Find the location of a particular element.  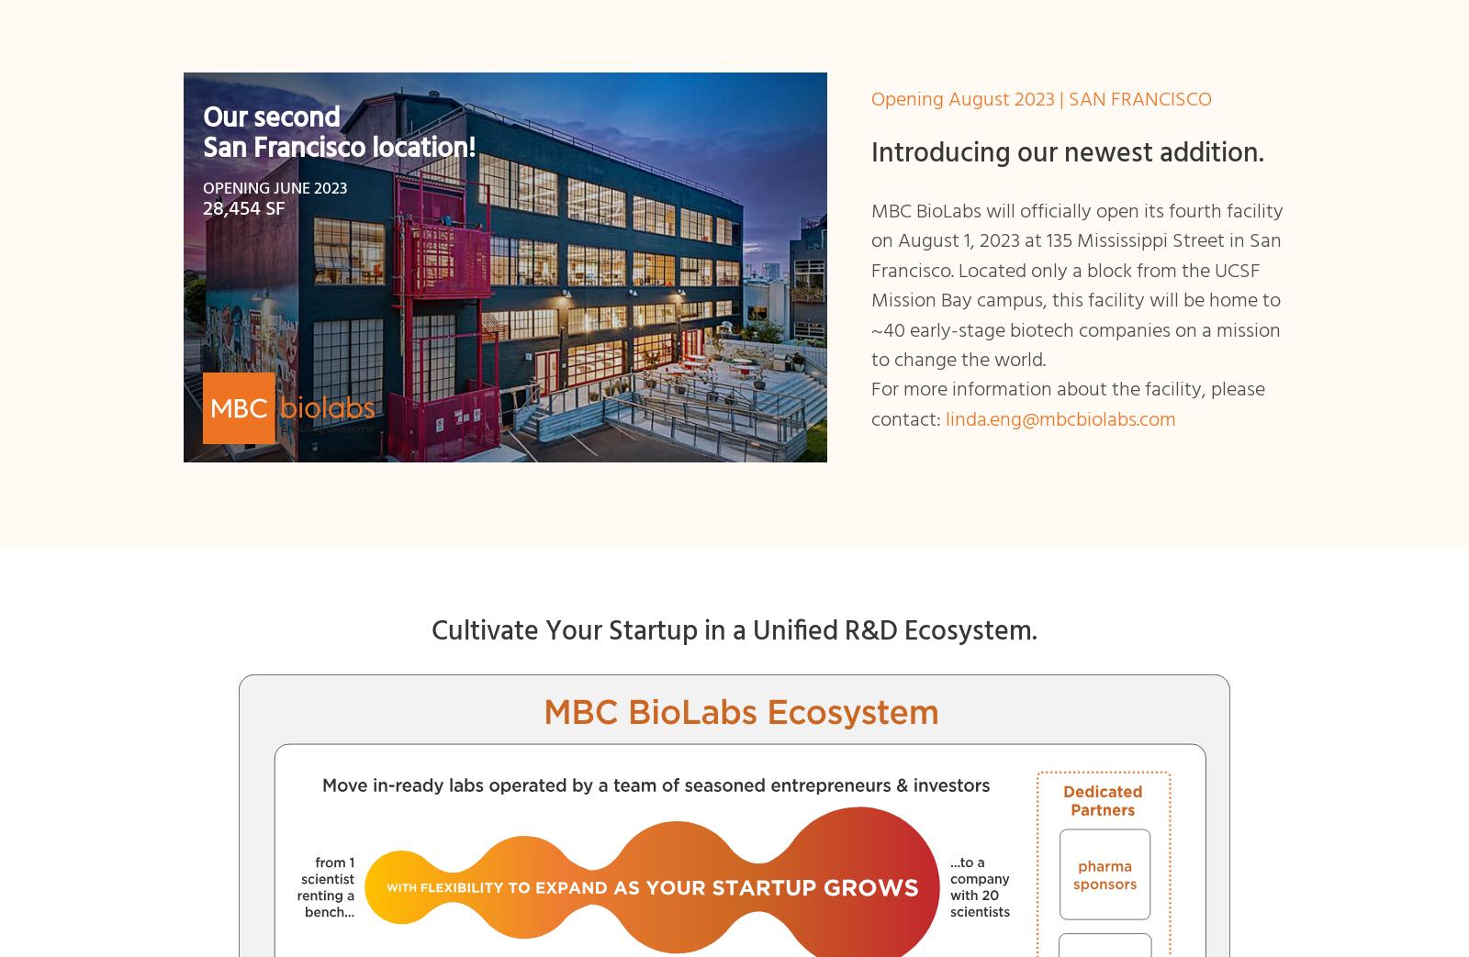

'OPENING JUNE 2023' is located at coordinates (202, 186).